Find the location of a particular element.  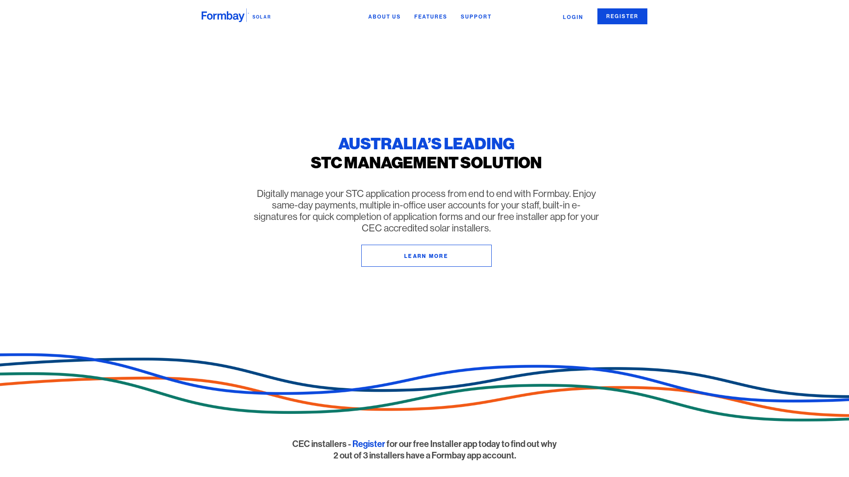

'FEATURES' is located at coordinates (431, 17).